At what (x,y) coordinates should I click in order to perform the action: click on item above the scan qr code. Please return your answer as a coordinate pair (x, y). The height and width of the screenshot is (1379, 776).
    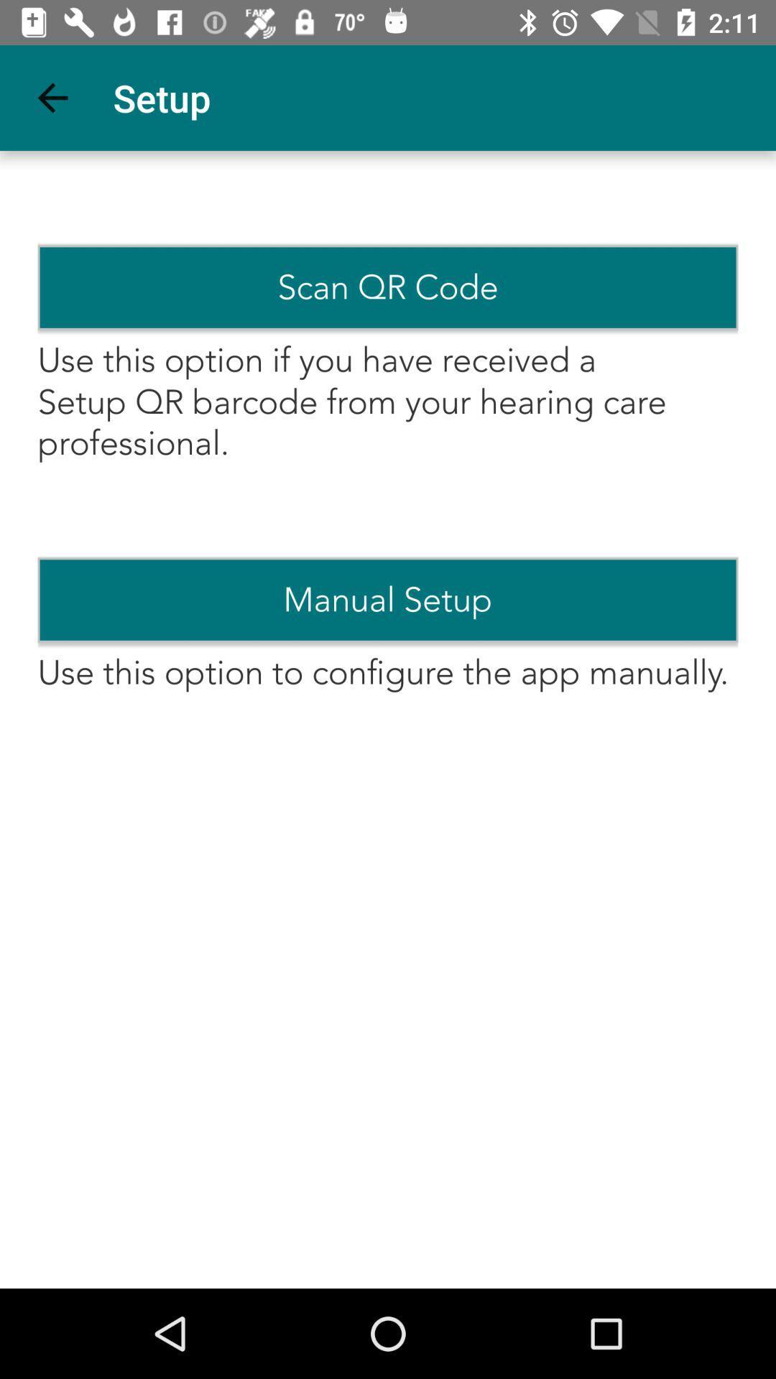
    Looking at the image, I should click on (52, 97).